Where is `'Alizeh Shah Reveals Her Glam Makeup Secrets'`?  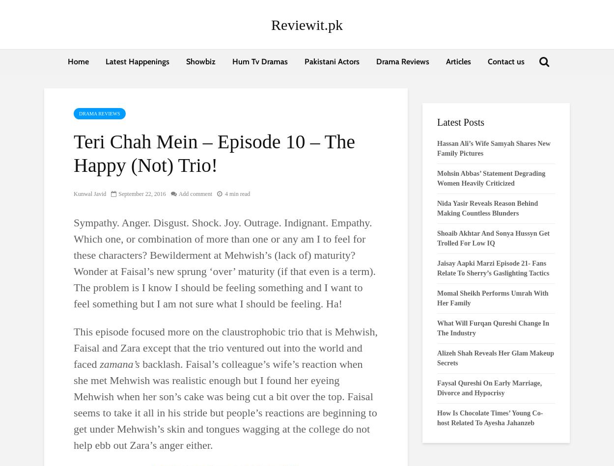 'Alizeh Shah Reveals Her Glam Makeup Secrets' is located at coordinates (496, 358).